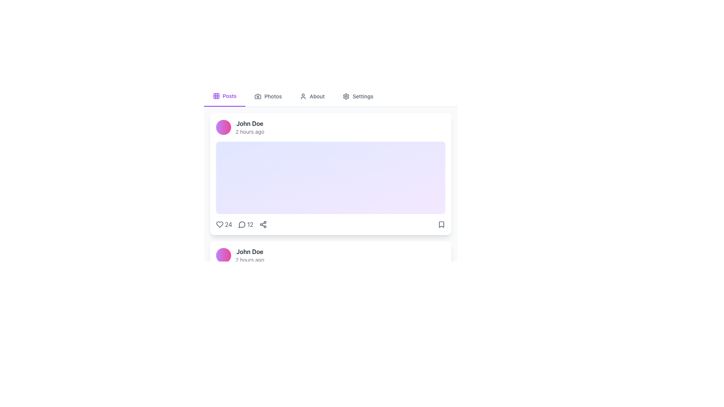  I want to click on the decorative square located at the top-left of the 3x3 grid icon, positioned near the navigation menu, so click(216, 95).